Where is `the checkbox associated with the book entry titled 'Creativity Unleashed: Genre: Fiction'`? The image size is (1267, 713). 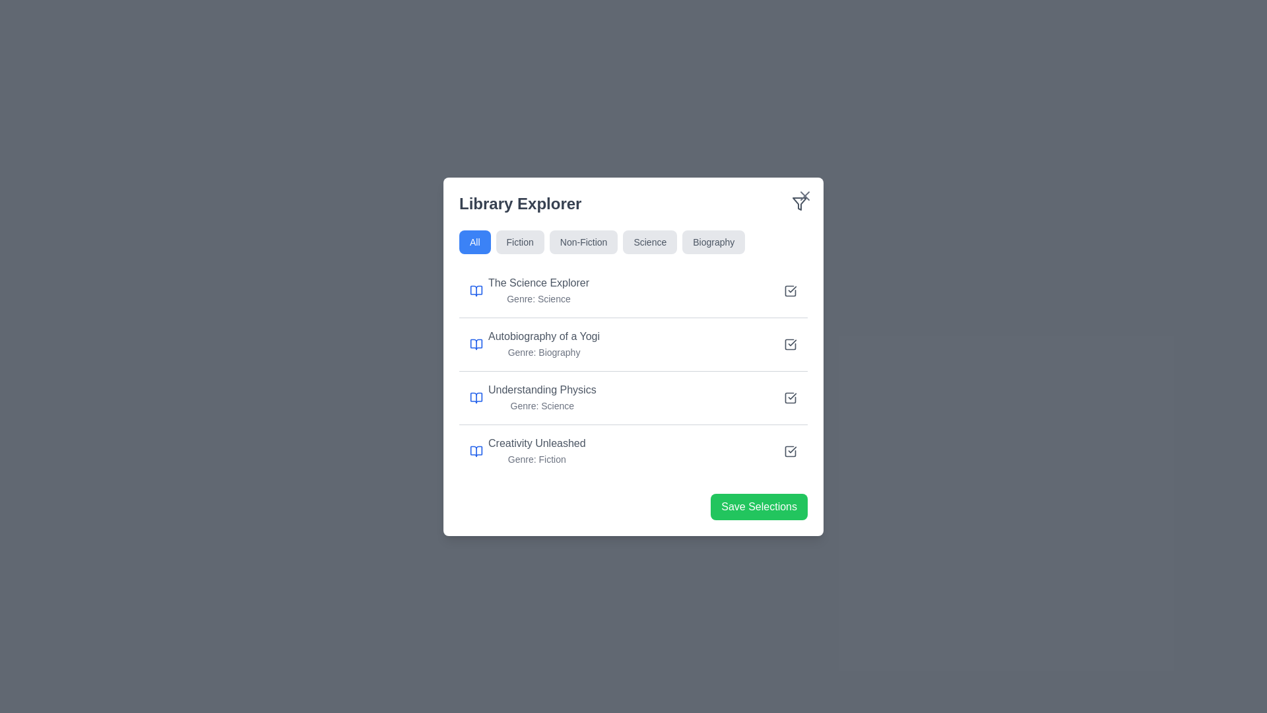
the checkbox associated with the book entry titled 'Creativity Unleashed: Genre: Fiction' is located at coordinates (791, 450).